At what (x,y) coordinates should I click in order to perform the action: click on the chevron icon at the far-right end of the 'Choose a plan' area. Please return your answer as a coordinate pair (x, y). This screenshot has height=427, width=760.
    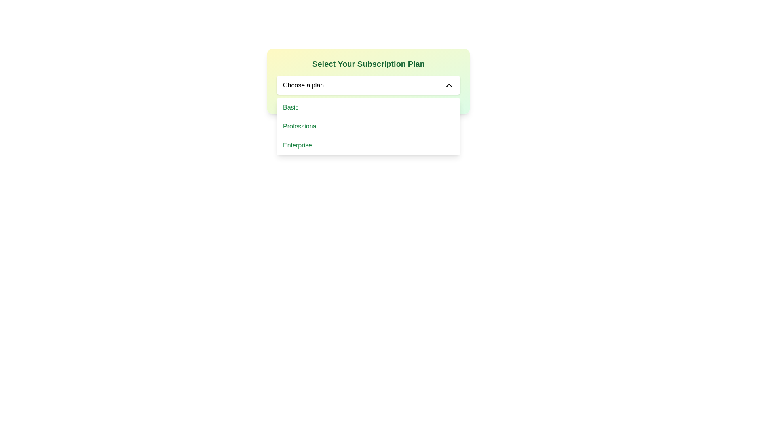
    Looking at the image, I should click on (449, 85).